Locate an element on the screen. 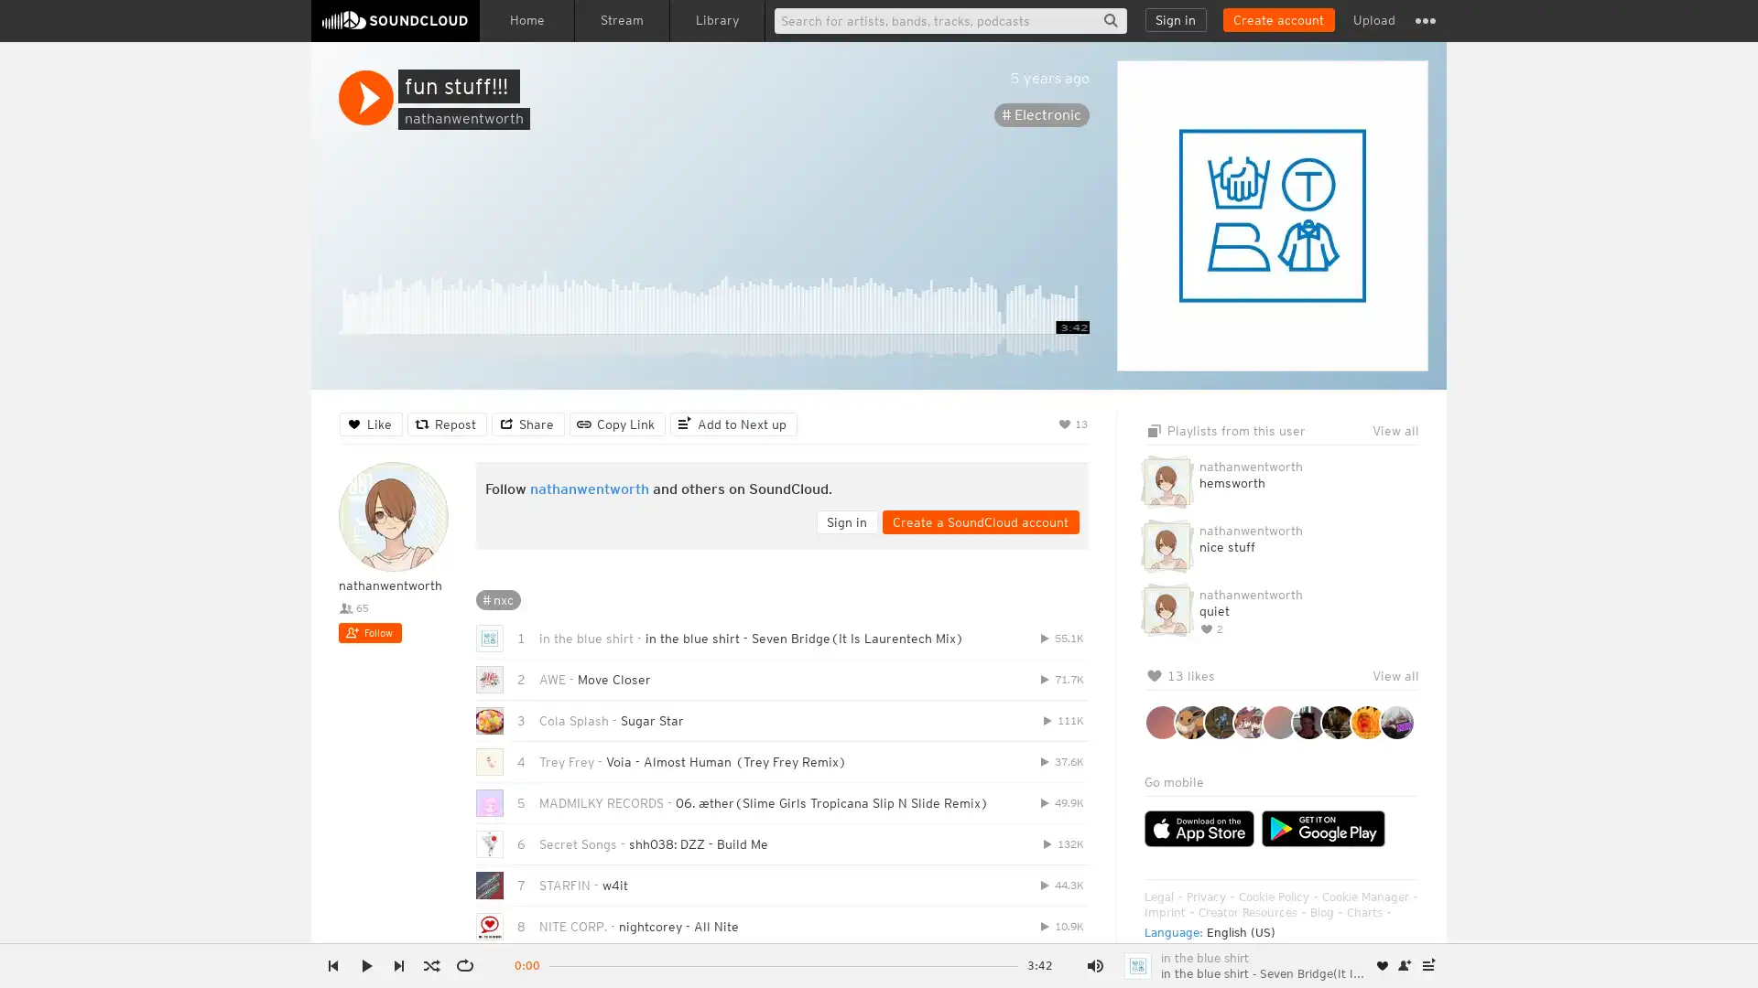 Image resolution: width=1758 pixels, height=988 pixels. Like is located at coordinates (370, 423).